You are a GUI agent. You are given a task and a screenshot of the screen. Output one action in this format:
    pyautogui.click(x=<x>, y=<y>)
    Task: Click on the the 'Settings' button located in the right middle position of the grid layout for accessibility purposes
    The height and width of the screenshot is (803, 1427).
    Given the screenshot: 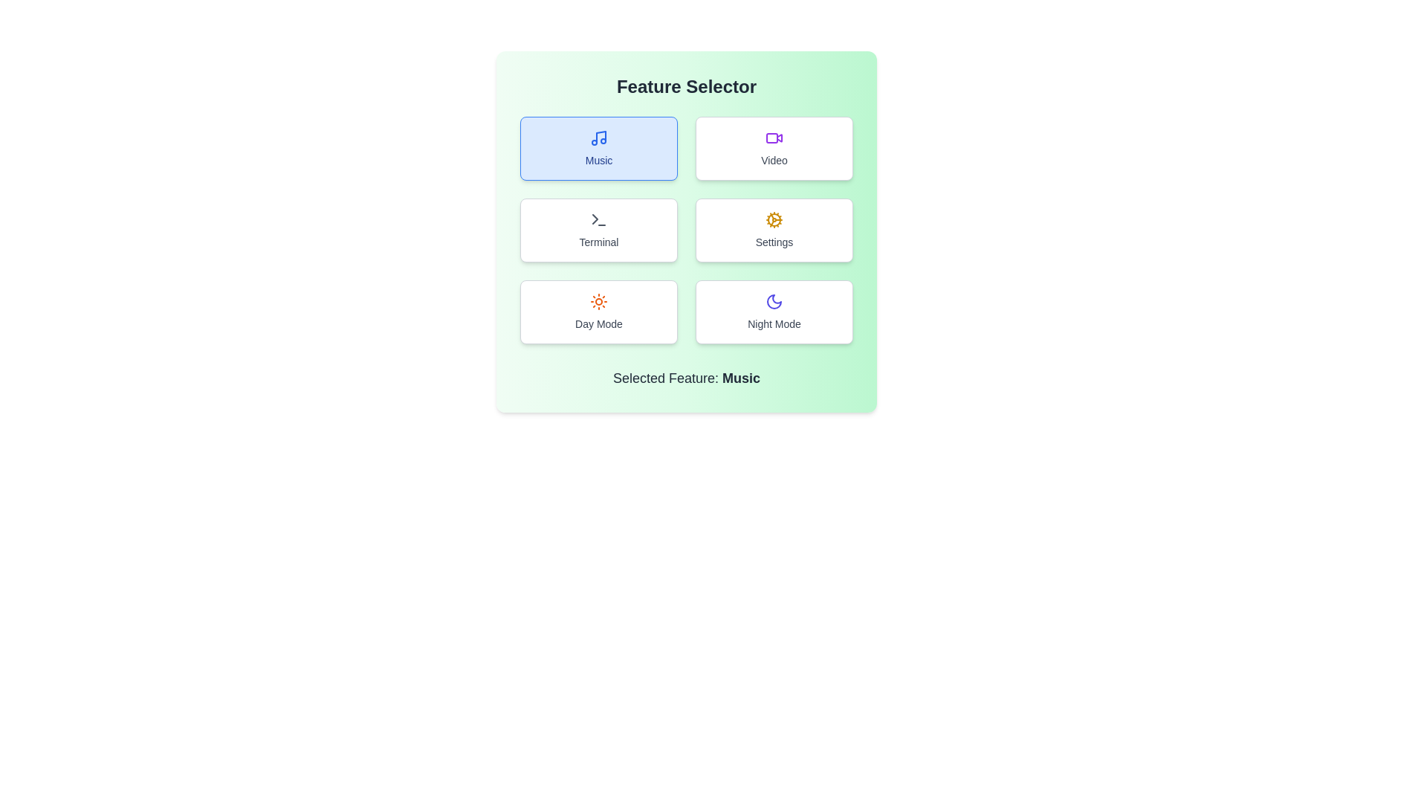 What is the action you would take?
    pyautogui.click(x=773, y=230)
    